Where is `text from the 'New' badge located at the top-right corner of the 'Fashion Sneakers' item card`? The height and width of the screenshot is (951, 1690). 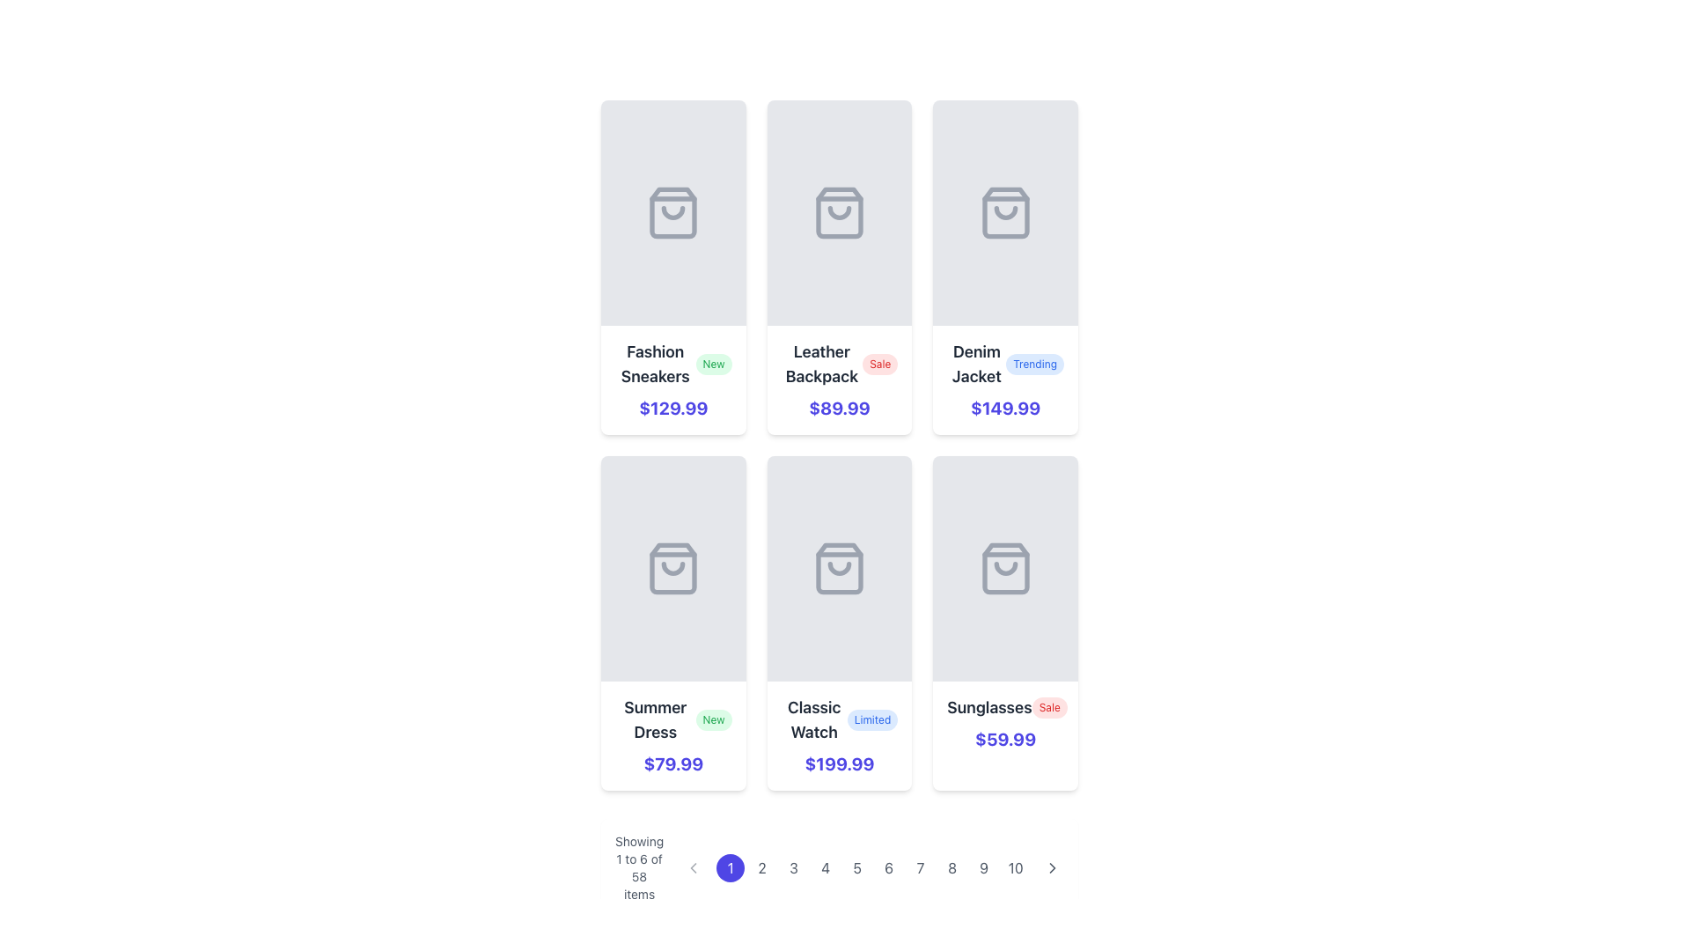
text from the 'New' badge located at the top-right corner of the 'Fashion Sneakers' item card is located at coordinates (714, 363).